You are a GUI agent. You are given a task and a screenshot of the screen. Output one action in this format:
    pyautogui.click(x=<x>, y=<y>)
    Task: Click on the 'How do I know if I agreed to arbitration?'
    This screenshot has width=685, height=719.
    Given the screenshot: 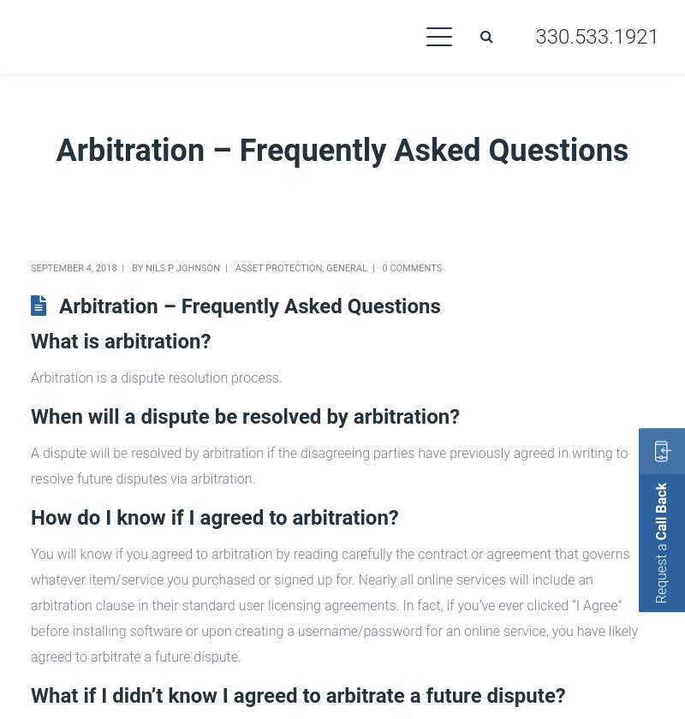 What is the action you would take?
    pyautogui.click(x=213, y=517)
    